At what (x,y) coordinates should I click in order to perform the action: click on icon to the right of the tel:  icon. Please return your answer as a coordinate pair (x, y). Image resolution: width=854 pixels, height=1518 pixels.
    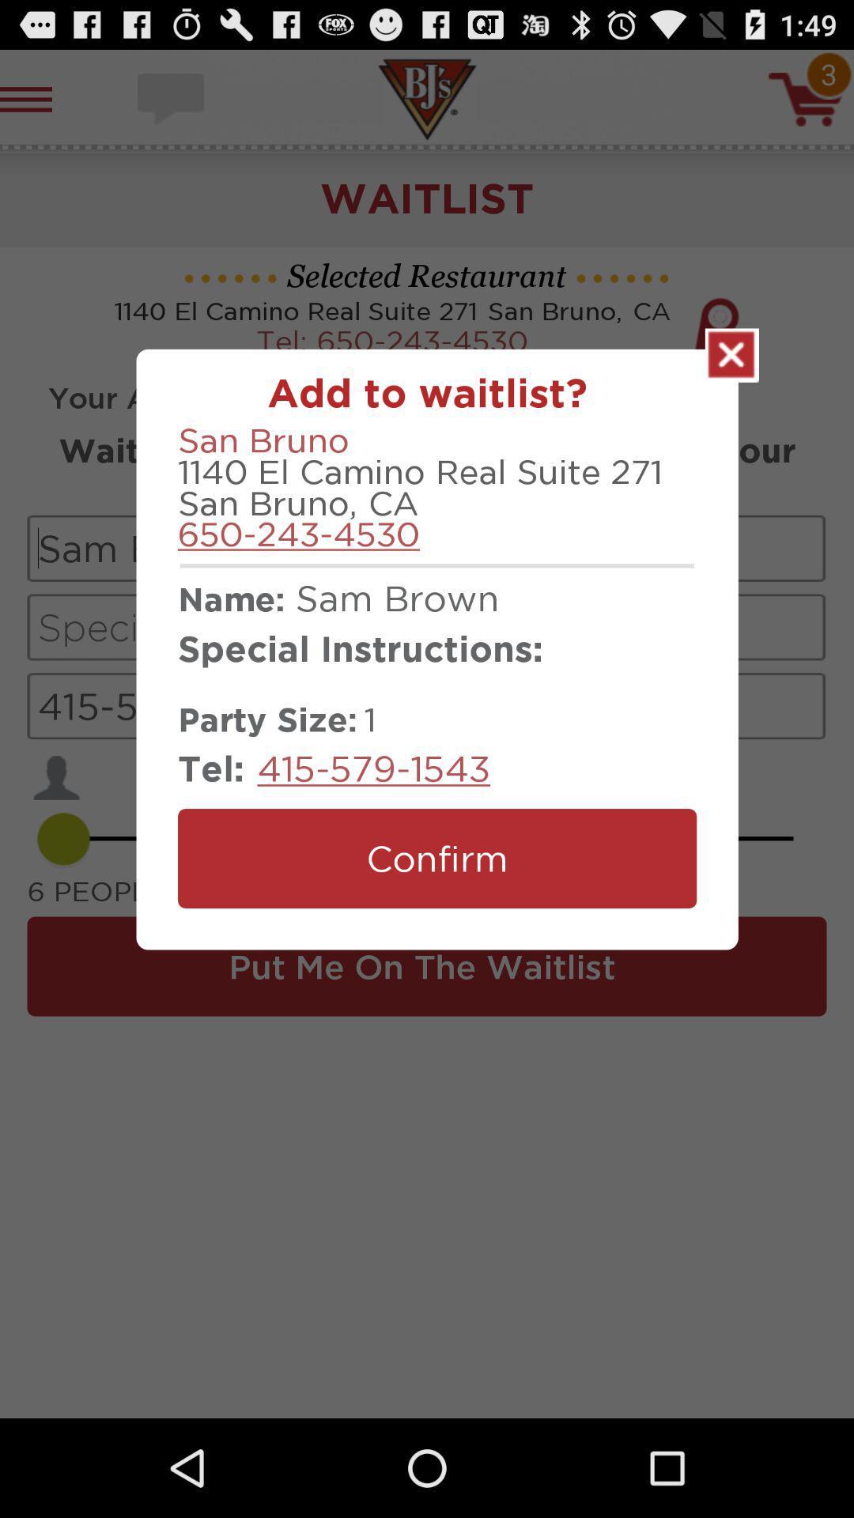
    Looking at the image, I should click on (373, 768).